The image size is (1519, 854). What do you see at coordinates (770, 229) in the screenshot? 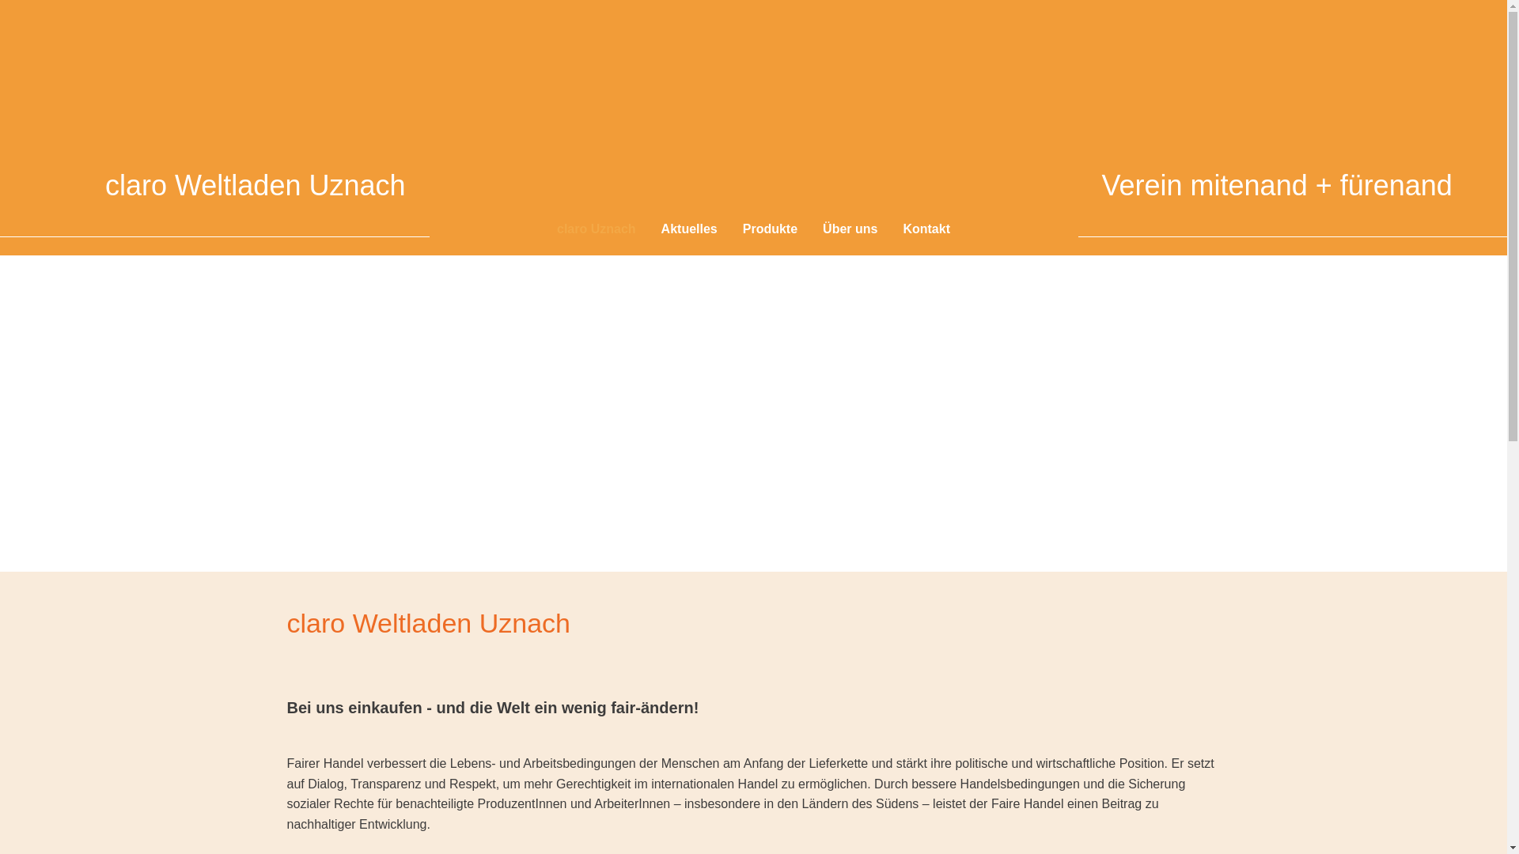
I see `'Produkte'` at bounding box center [770, 229].